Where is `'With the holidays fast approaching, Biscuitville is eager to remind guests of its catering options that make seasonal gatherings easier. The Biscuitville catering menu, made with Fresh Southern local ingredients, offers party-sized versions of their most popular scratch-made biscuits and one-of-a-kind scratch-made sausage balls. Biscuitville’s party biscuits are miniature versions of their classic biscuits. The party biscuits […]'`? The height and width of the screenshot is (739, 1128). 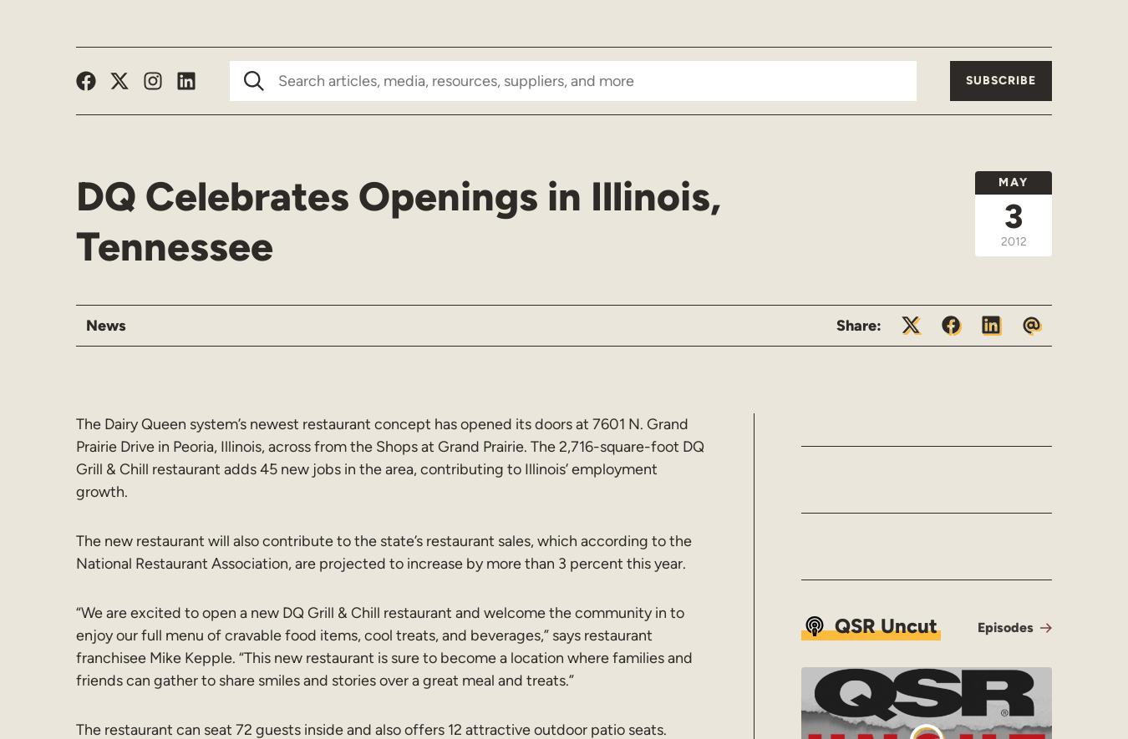 'With the holidays fast approaching, Biscuitville is eager to remind guests of its catering options that make seasonal gatherings easier. The Biscuitville catering menu, made with Fresh Southern local ingredients, offers party-sized versions of their most popular scratch-made biscuits and one-of-a-kind scratch-made sausage balls. Biscuitville’s party biscuits are miniature versions of their classic biscuits. The party biscuits […]' is located at coordinates (689, 499).